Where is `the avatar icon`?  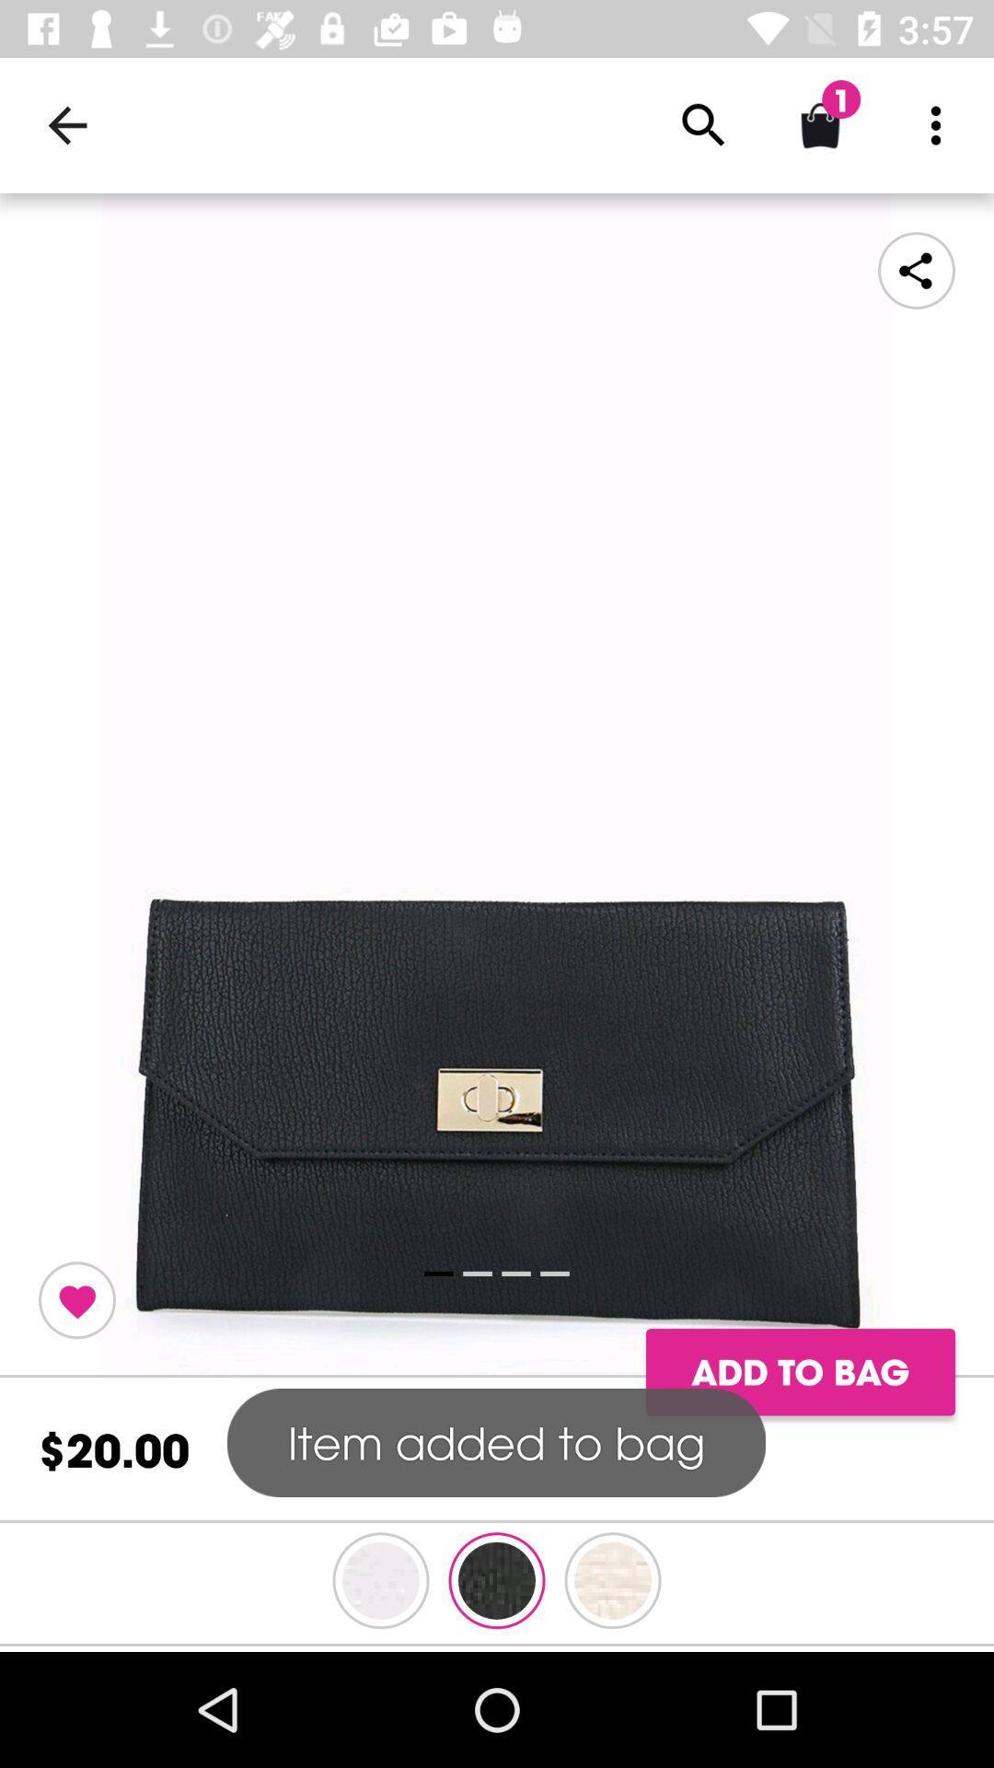
the avatar icon is located at coordinates (379, 1579).